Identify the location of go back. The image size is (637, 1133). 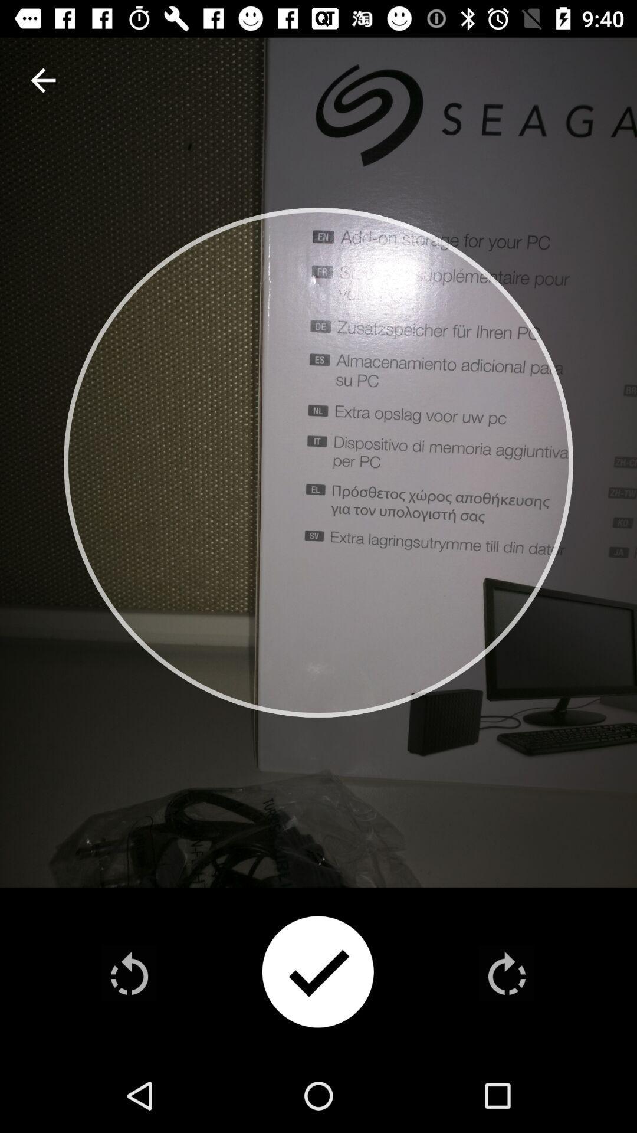
(129, 973).